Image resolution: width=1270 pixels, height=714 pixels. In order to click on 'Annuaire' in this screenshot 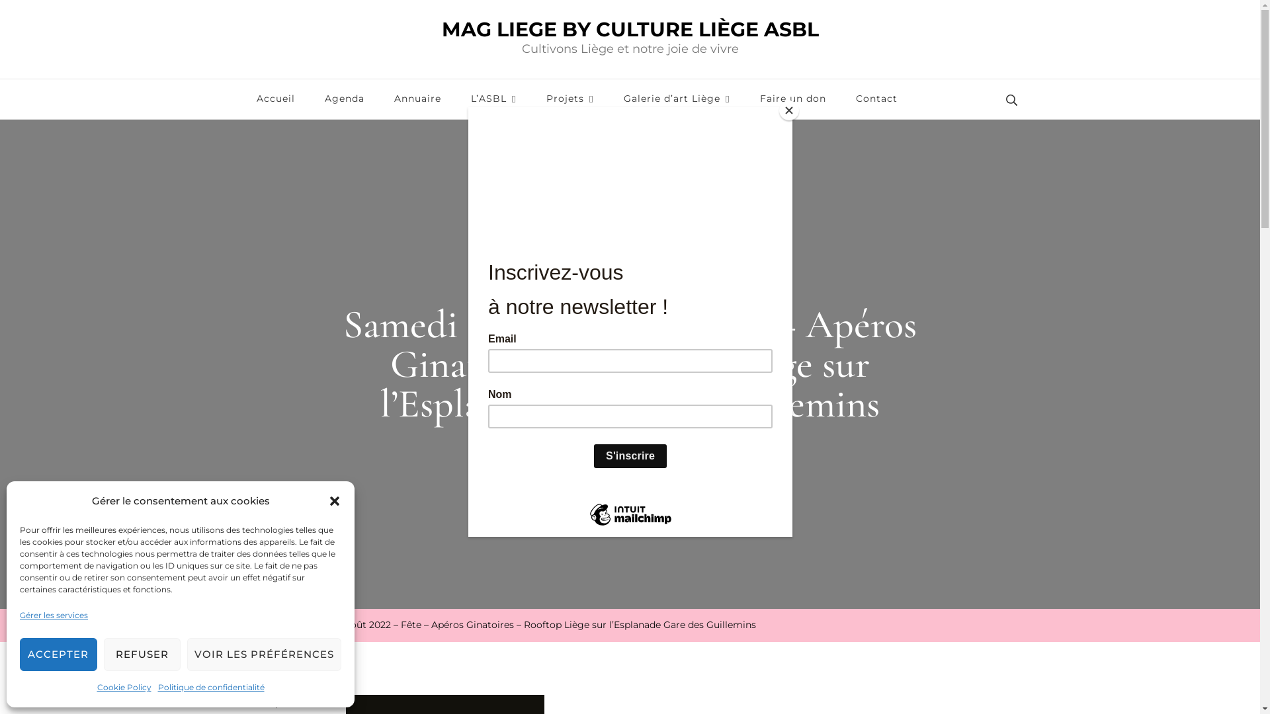, I will do `click(417, 99)`.